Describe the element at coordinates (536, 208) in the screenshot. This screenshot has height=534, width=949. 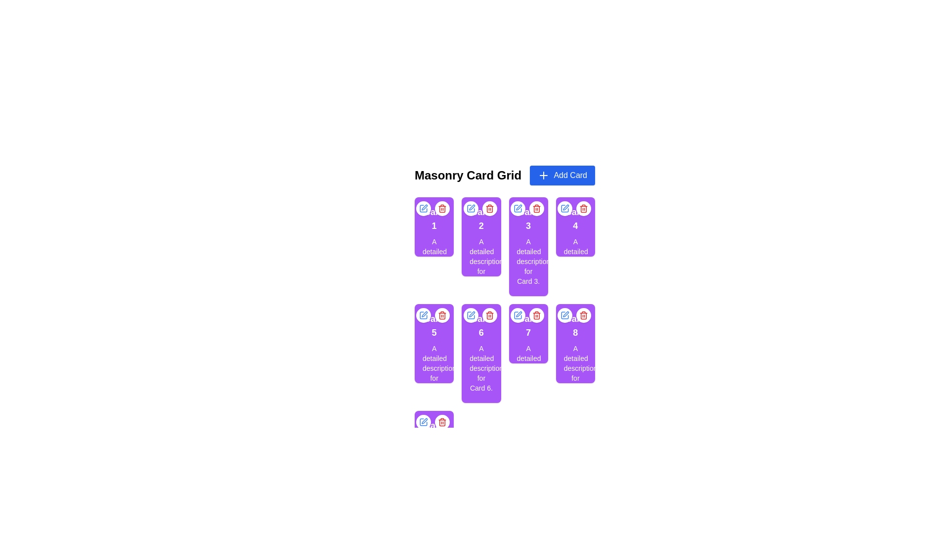
I see `the small circular button with a red trash icon, located at the top-right corner of the card labeled '3'` at that location.